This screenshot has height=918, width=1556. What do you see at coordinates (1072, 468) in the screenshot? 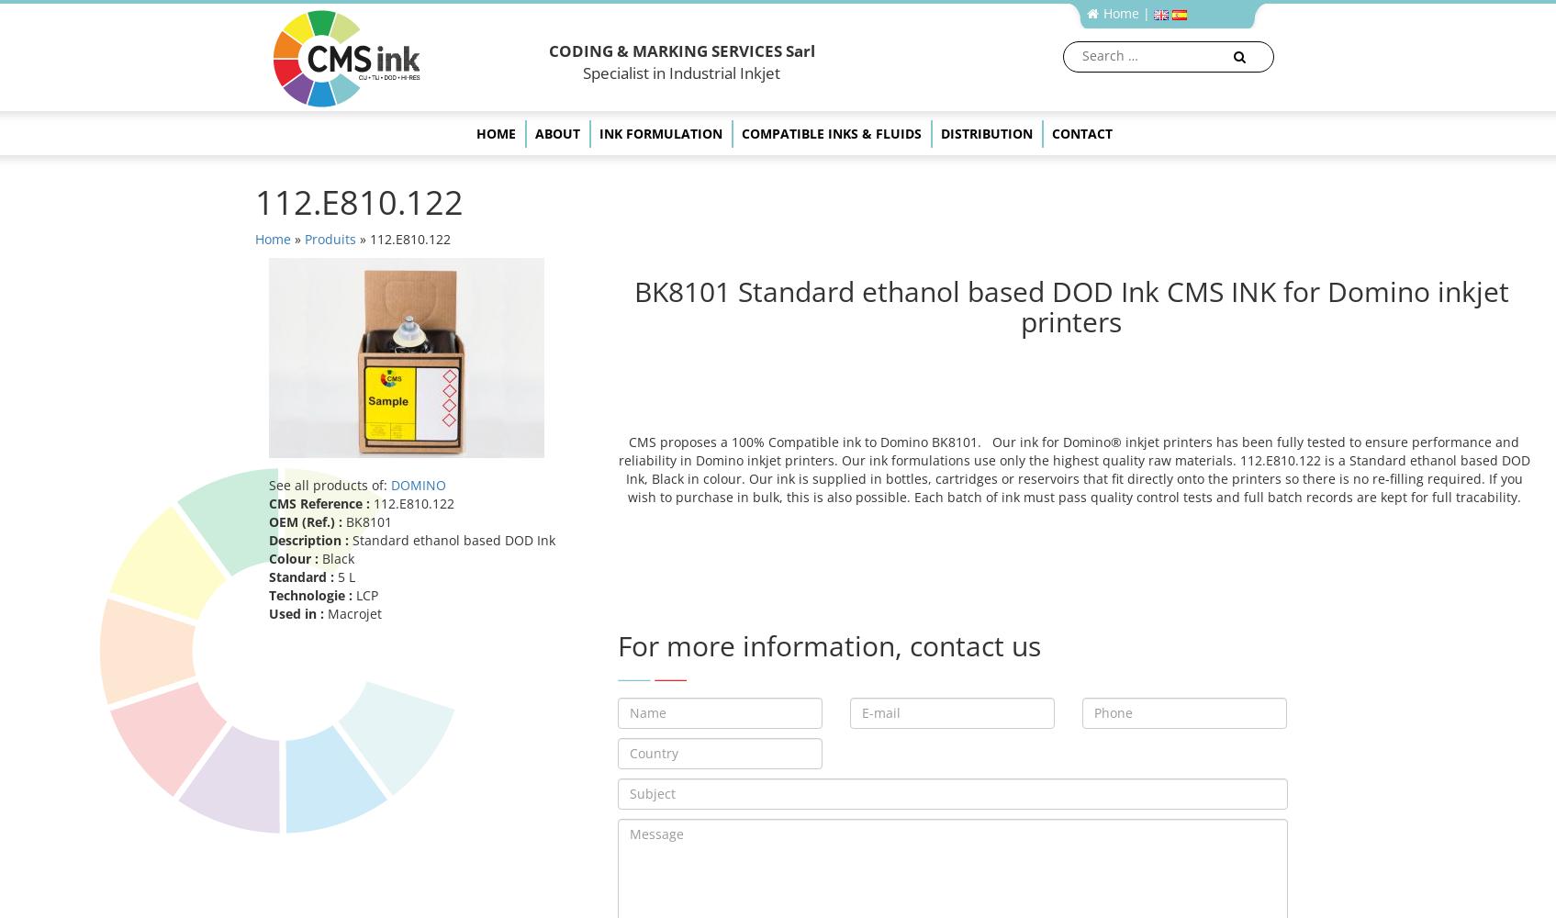
I see `'CMS proposes a 100% Compatible ink to Domino BK8101.   Our ink for Domino® inkjet printers has been fully tested to ensure performance and reliability in Domino inkjet printers. Our ink formulations use only the highest quality raw materials. 112.E810.122 is a Standard ethanol based DOD Ink, Black in colour. Our ink is supplied in bottles, cartridges or reservoirs that fit directly onto the printers so there is no re-filling required. If you wish to purchase in bulk, this is also possible. Each batch of ink must pass quality control tests and full batch records are kept for full tracability.'` at bounding box center [1072, 468].